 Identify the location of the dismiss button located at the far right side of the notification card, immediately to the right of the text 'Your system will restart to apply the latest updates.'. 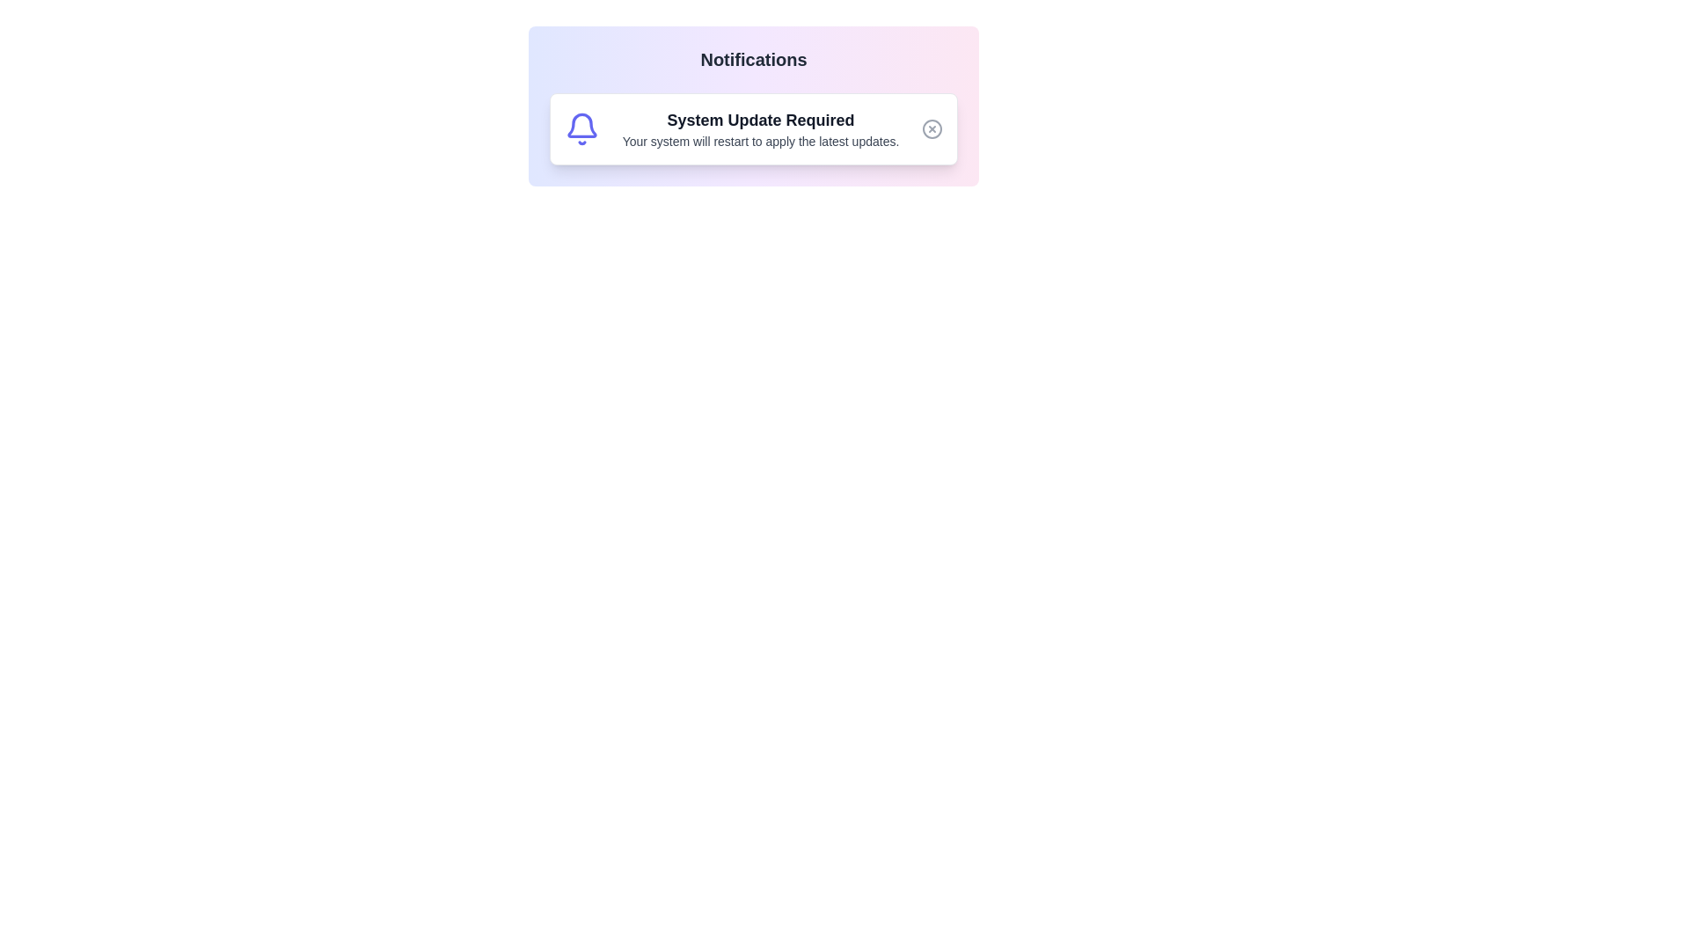
(932, 128).